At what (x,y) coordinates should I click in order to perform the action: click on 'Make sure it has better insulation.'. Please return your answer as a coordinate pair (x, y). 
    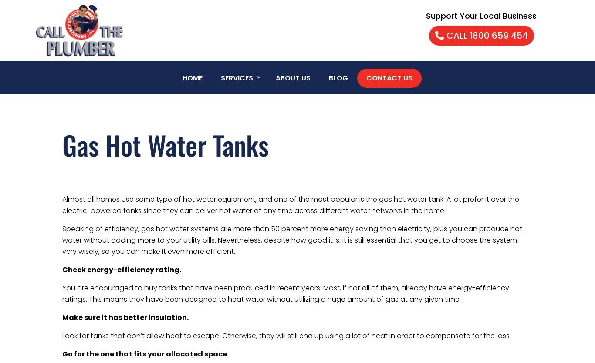
    Looking at the image, I should click on (125, 317).